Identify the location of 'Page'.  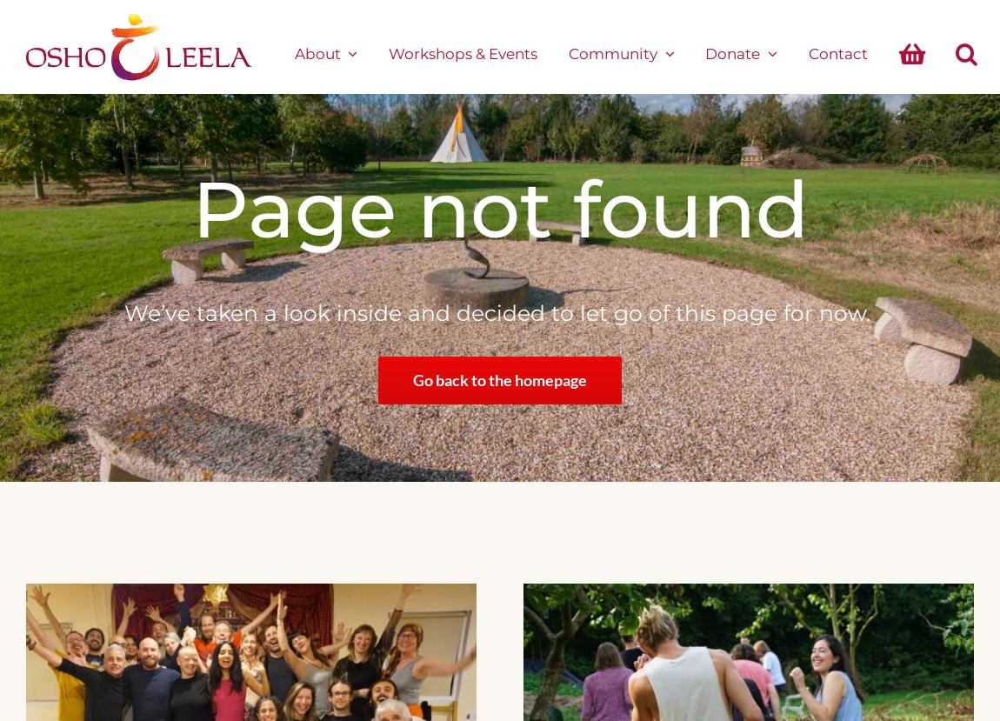
(293, 208).